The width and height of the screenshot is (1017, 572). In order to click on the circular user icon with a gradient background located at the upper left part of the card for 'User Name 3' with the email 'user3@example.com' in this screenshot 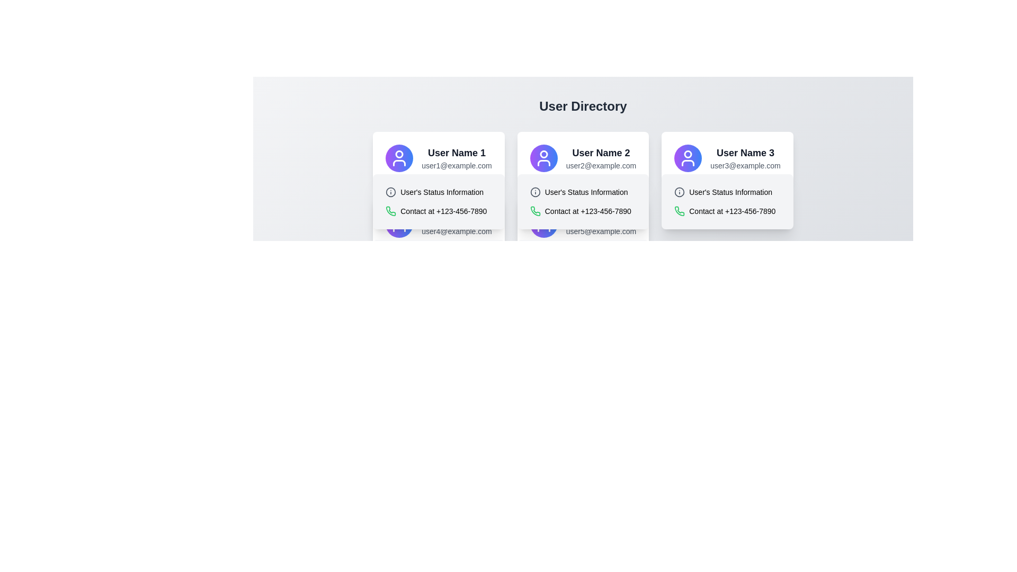, I will do `click(688, 158)`.